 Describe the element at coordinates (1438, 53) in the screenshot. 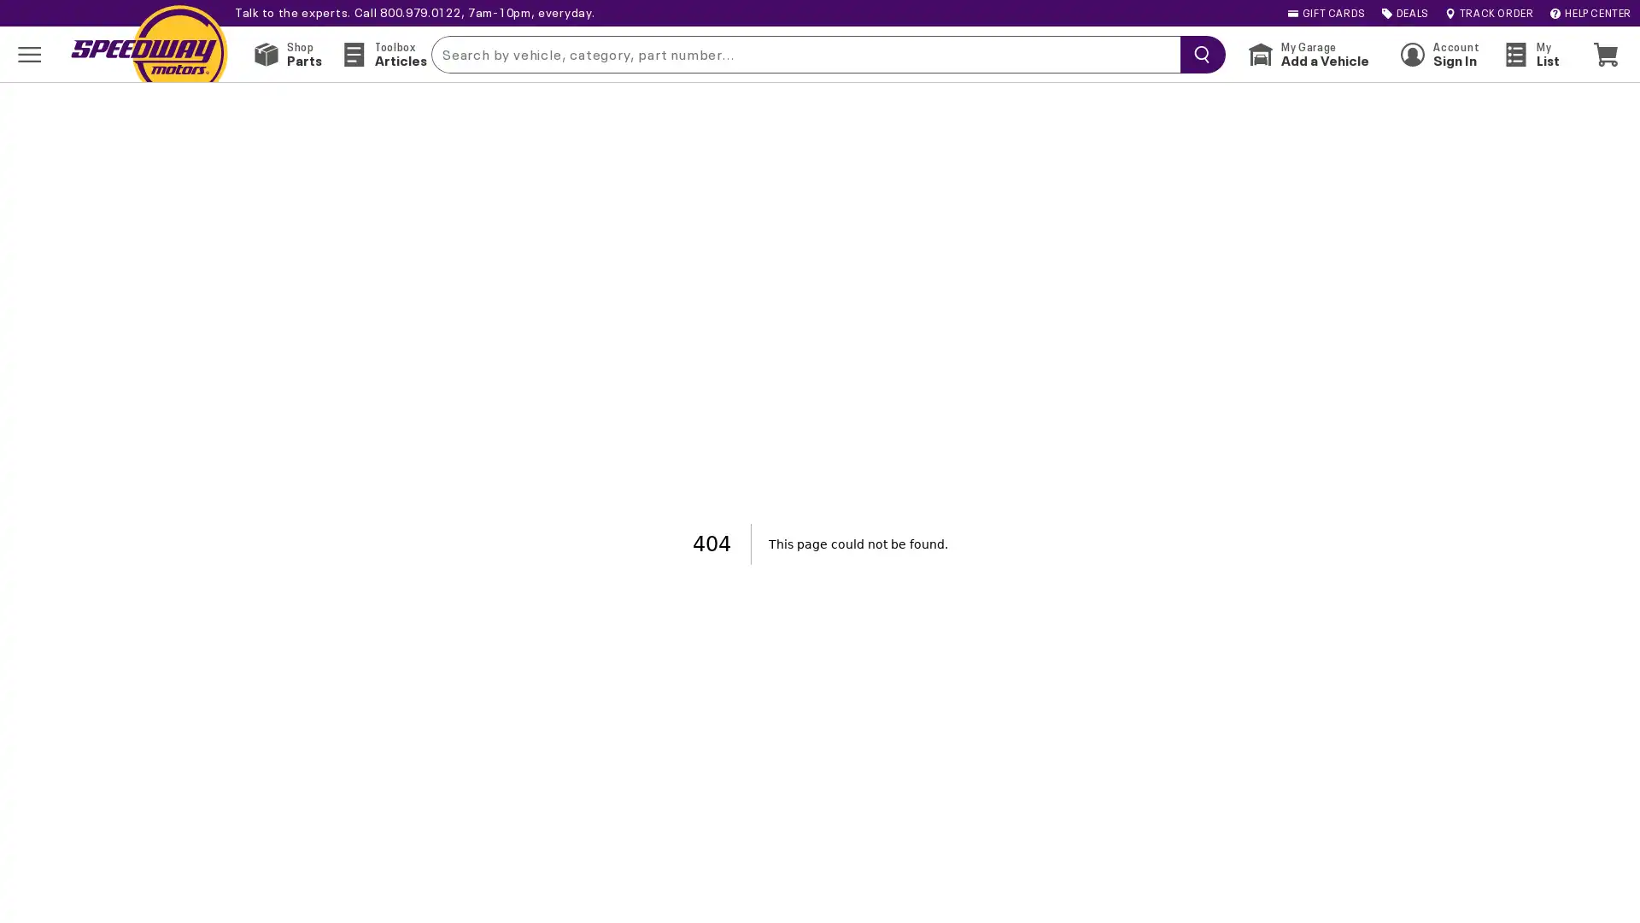

I see `Account Sign In` at that location.